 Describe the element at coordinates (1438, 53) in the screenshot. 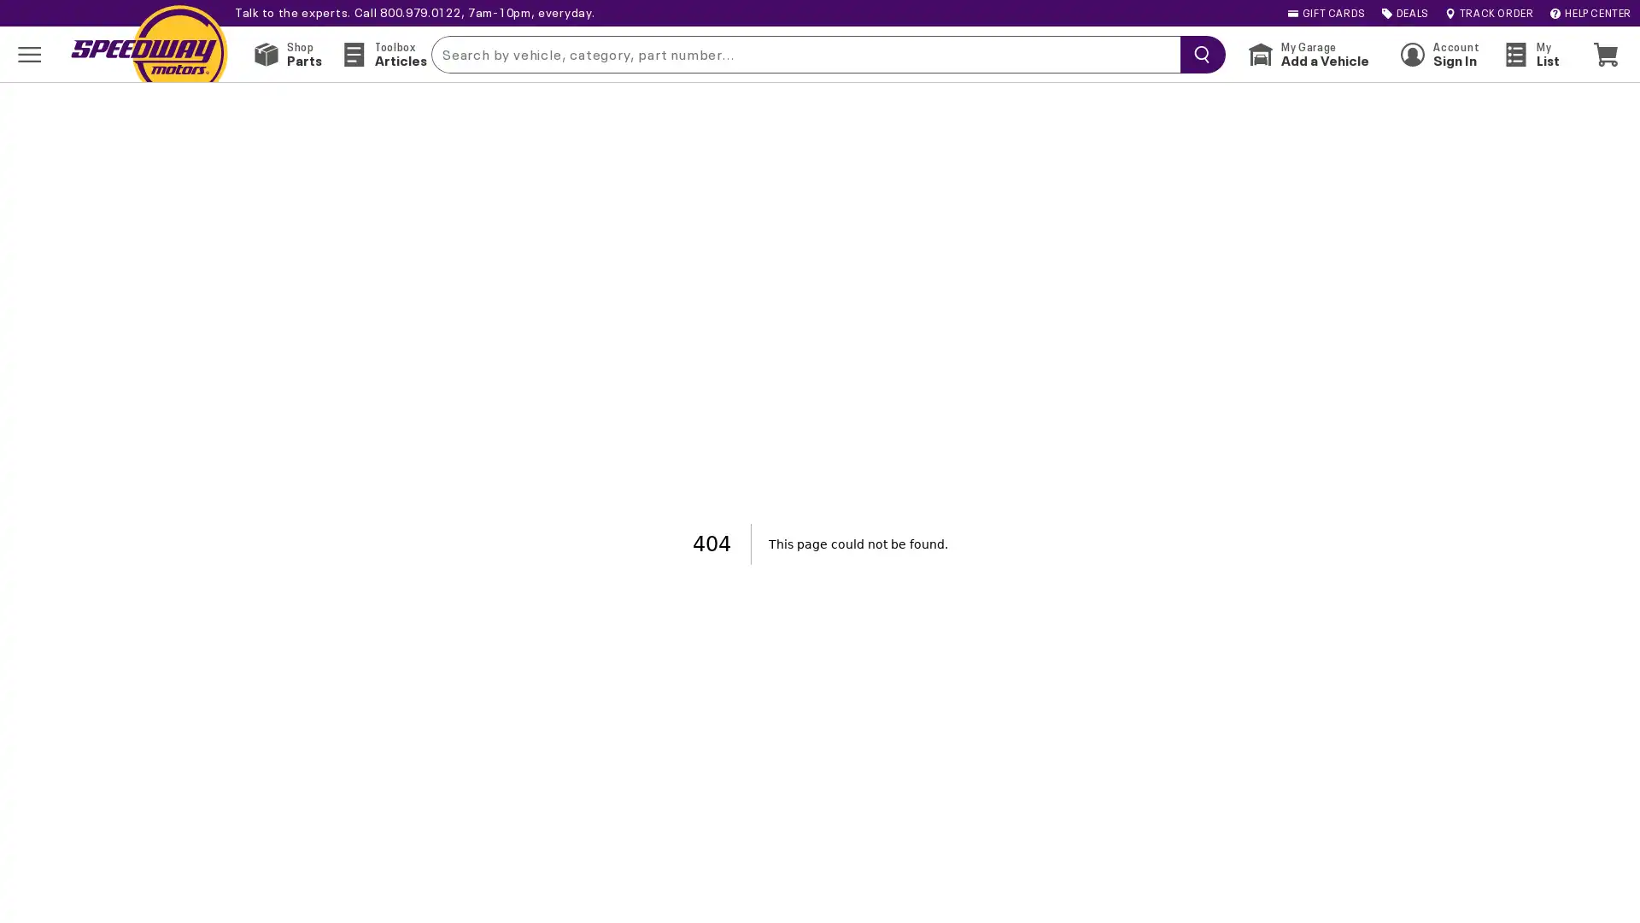

I see `Account Sign In` at that location.